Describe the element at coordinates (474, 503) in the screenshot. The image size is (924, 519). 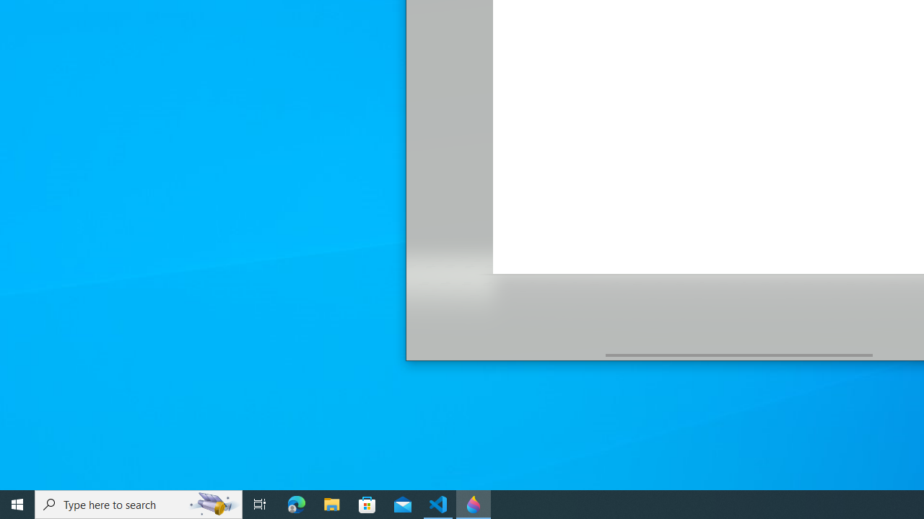
I see `'Paint 3D - 1 running window'` at that location.